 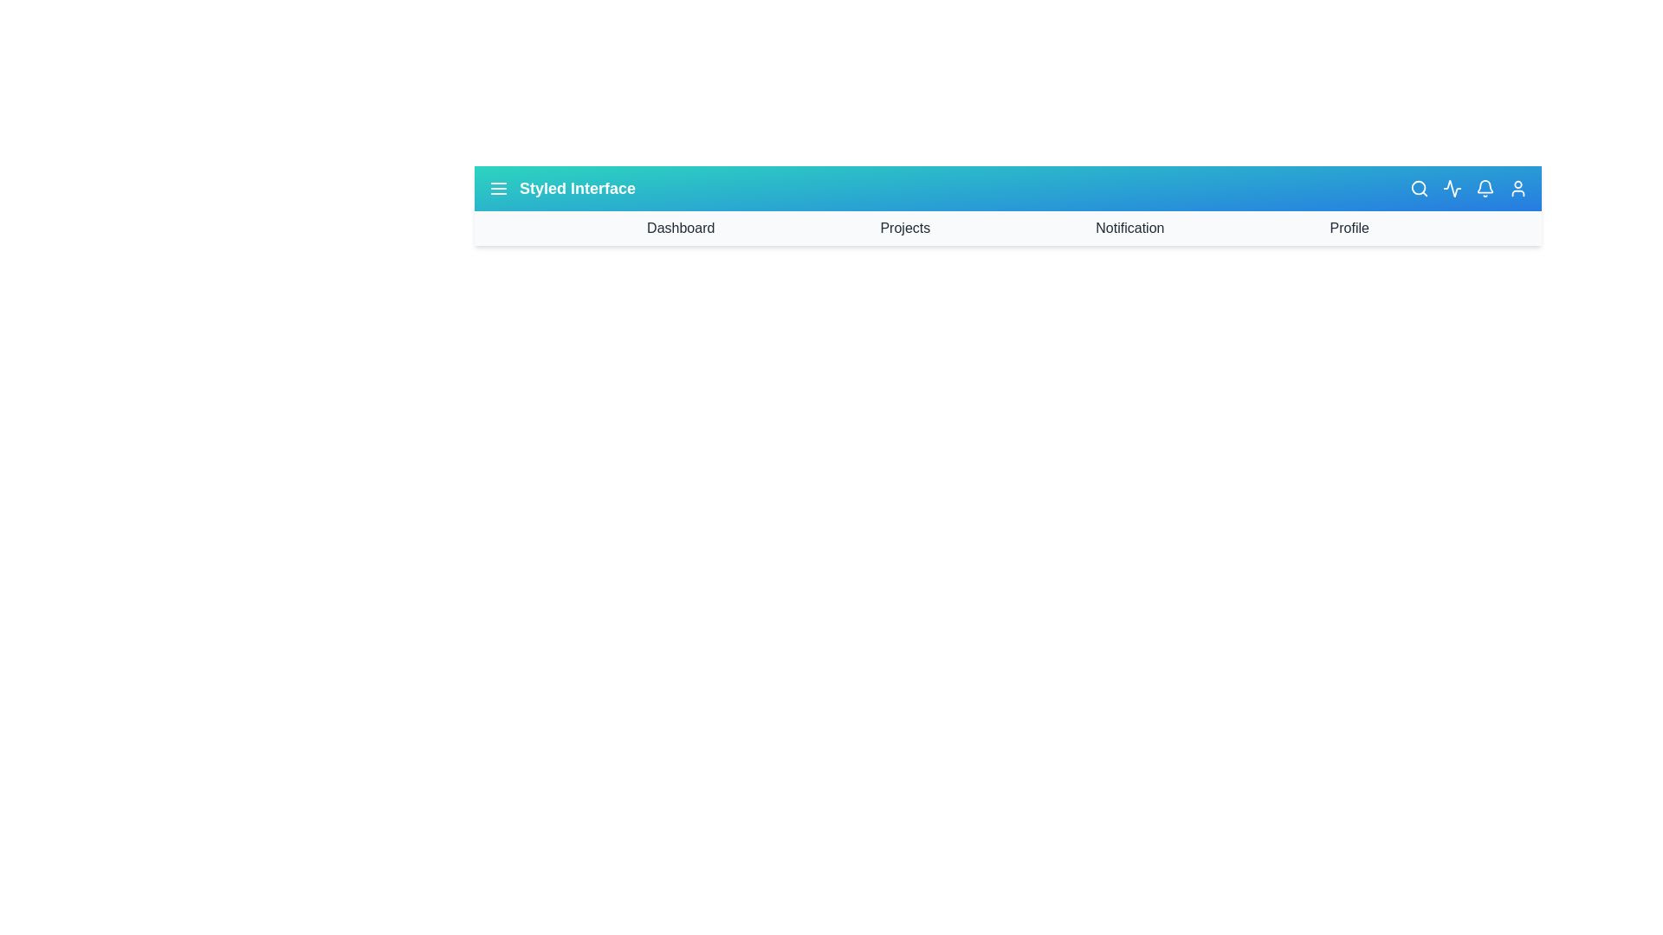 What do you see at coordinates (904, 227) in the screenshot?
I see `the navigation item Projects` at bounding box center [904, 227].